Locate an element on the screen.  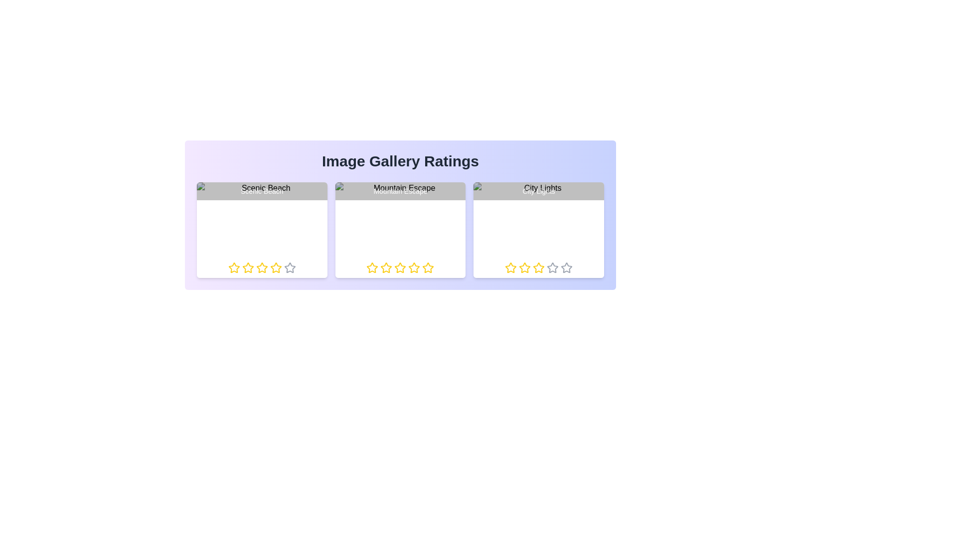
the rating for the image titled 'City Lights' to 1 stars is located at coordinates (505, 267).